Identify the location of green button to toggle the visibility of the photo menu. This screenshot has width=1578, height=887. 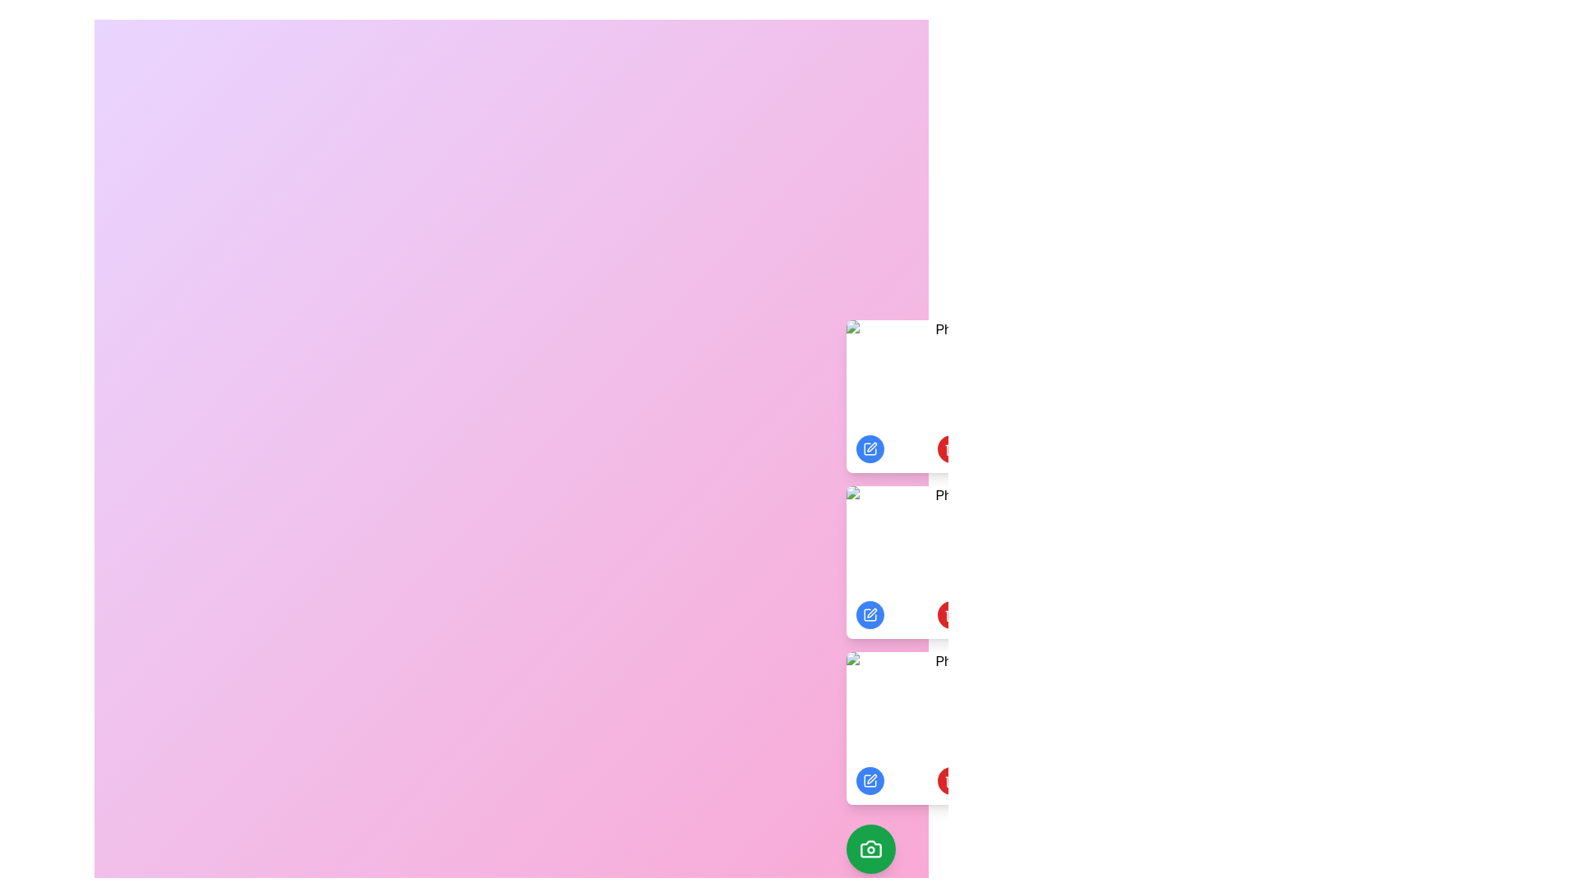
(870, 848).